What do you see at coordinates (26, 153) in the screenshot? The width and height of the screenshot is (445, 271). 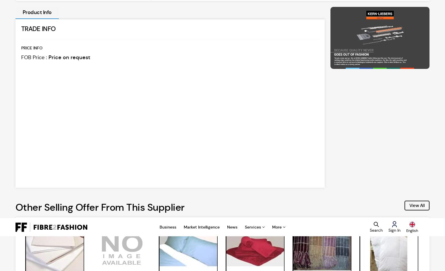 I see `'Garment'` at bounding box center [26, 153].